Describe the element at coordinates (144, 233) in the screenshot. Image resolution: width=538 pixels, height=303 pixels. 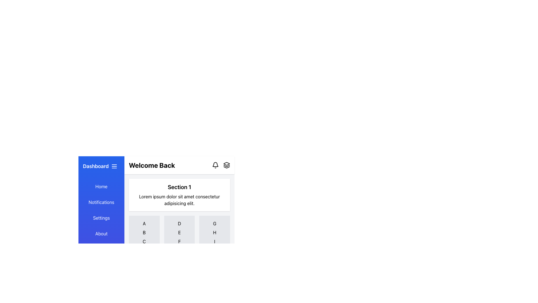
I see `the text label 'B' which is positioned between 'A' and 'C' in a vertically stacked group of letters below 'Section 1'` at that location.